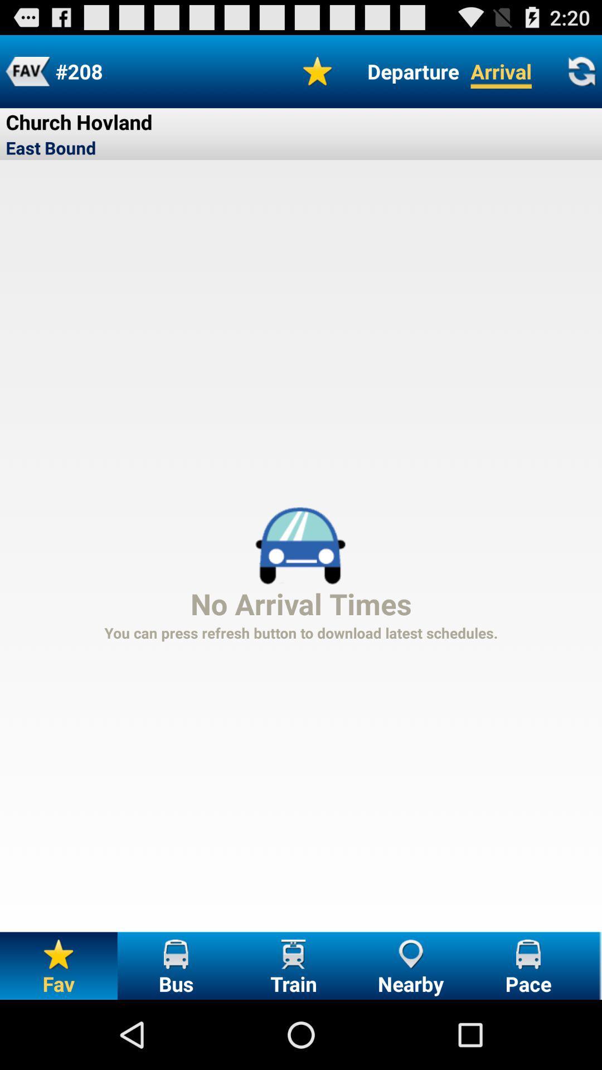 The width and height of the screenshot is (602, 1070). Describe the element at coordinates (318, 71) in the screenshot. I see `app to the right of #208 app` at that location.